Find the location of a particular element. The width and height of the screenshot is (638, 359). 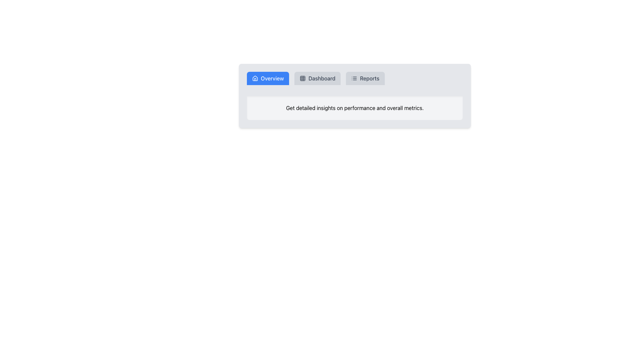

the 'Overview' button with keyboard navigation is located at coordinates (268, 78).